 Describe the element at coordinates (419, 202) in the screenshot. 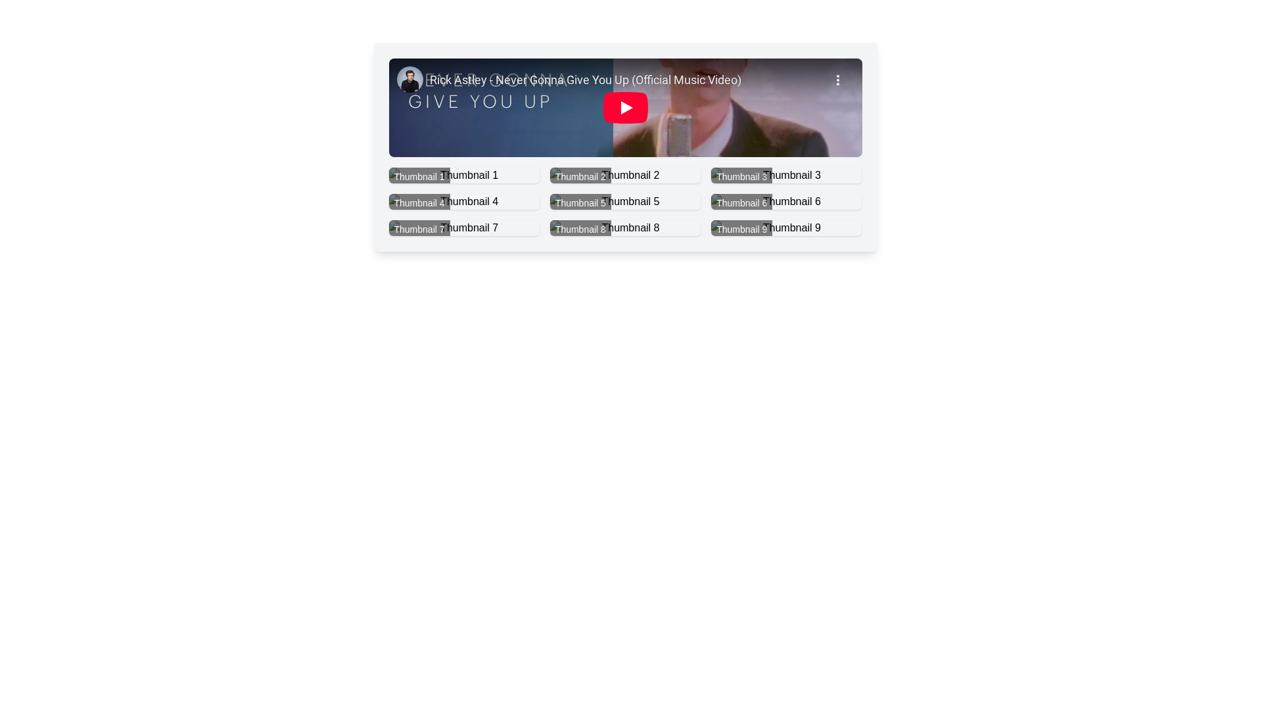

I see `the label with the text 'Thumbnail 4', which is a small rectangular badge with a dark background located at the top-left corner of the thumbnail in the grid layout` at that location.